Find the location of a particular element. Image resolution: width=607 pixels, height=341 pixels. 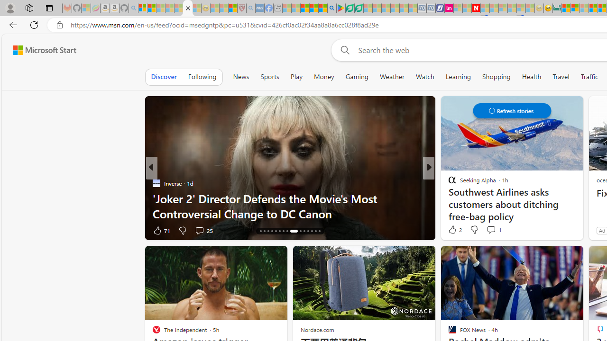

'16 Like' is located at coordinates (453, 230).